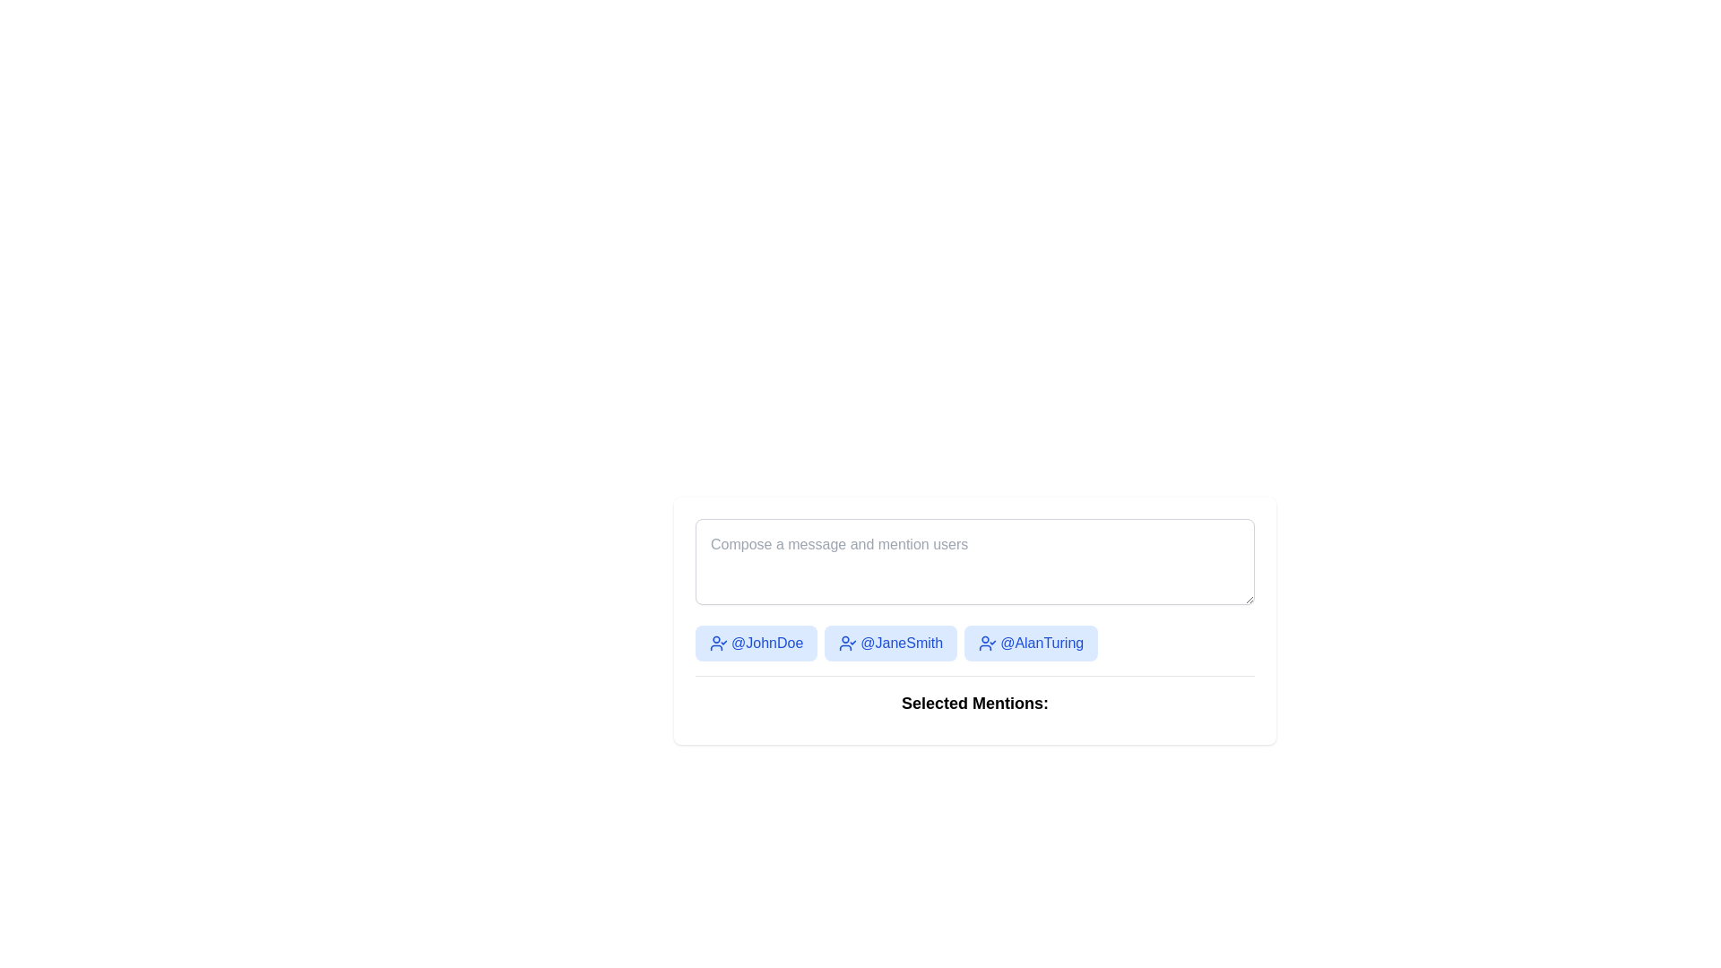 The height and width of the screenshot is (968, 1721). Describe the element at coordinates (902, 642) in the screenshot. I see `the interactive username text '@JaneSmith' displayed in blue within the button` at that location.